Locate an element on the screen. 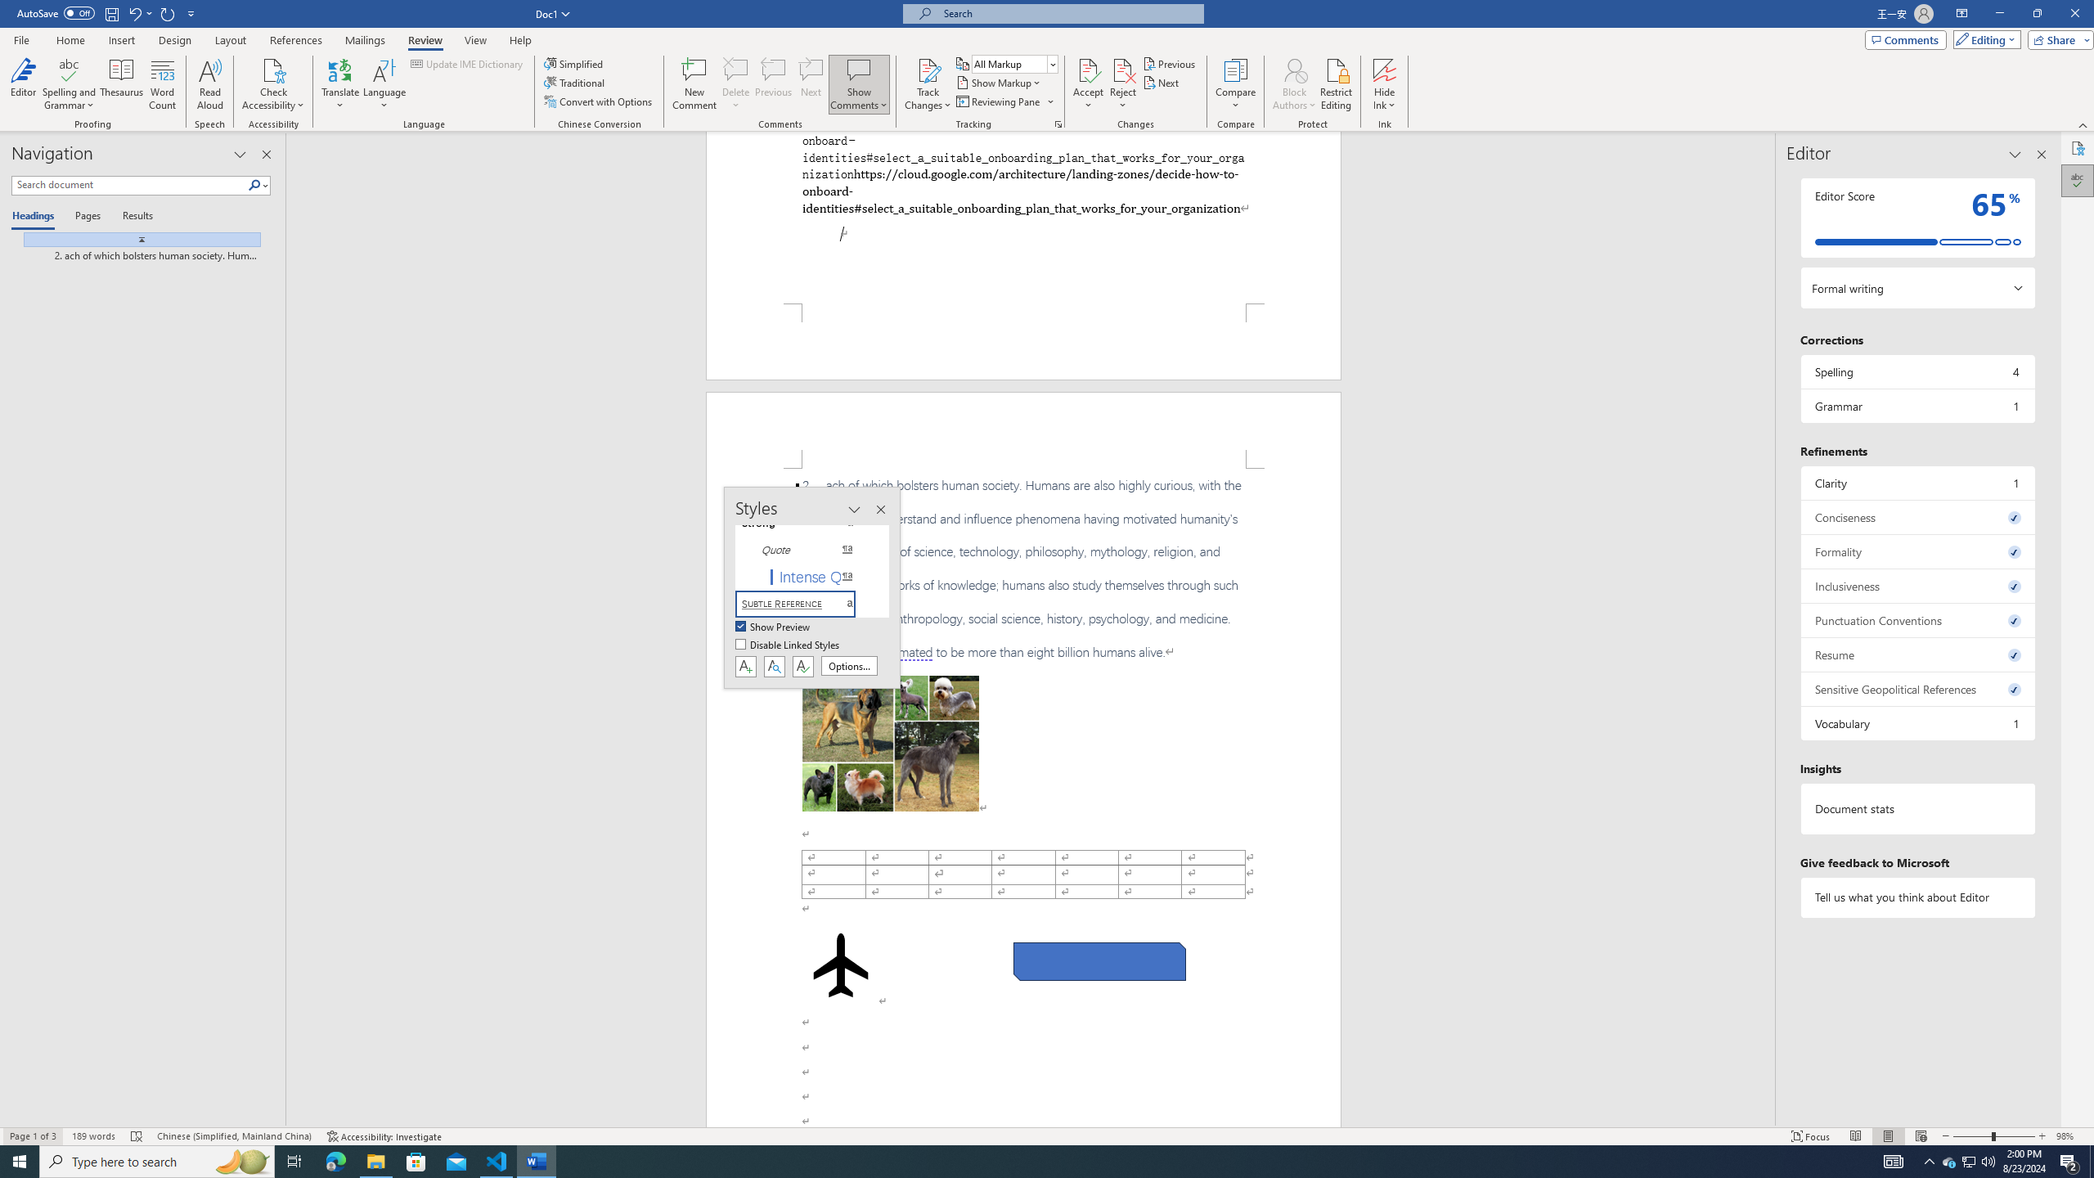  'Delete' is located at coordinates (735, 69).